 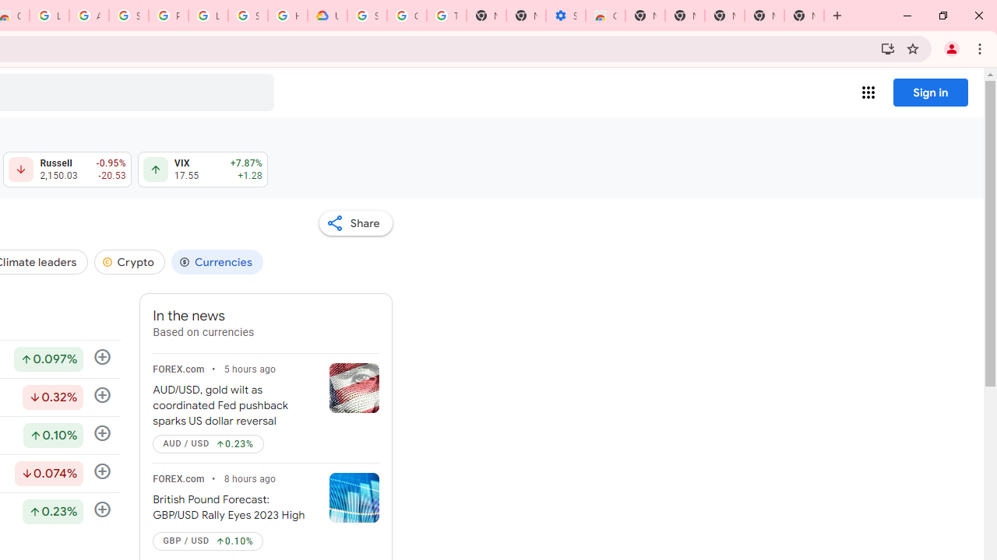 What do you see at coordinates (804, 16) in the screenshot?
I see `'New Tab'` at bounding box center [804, 16].